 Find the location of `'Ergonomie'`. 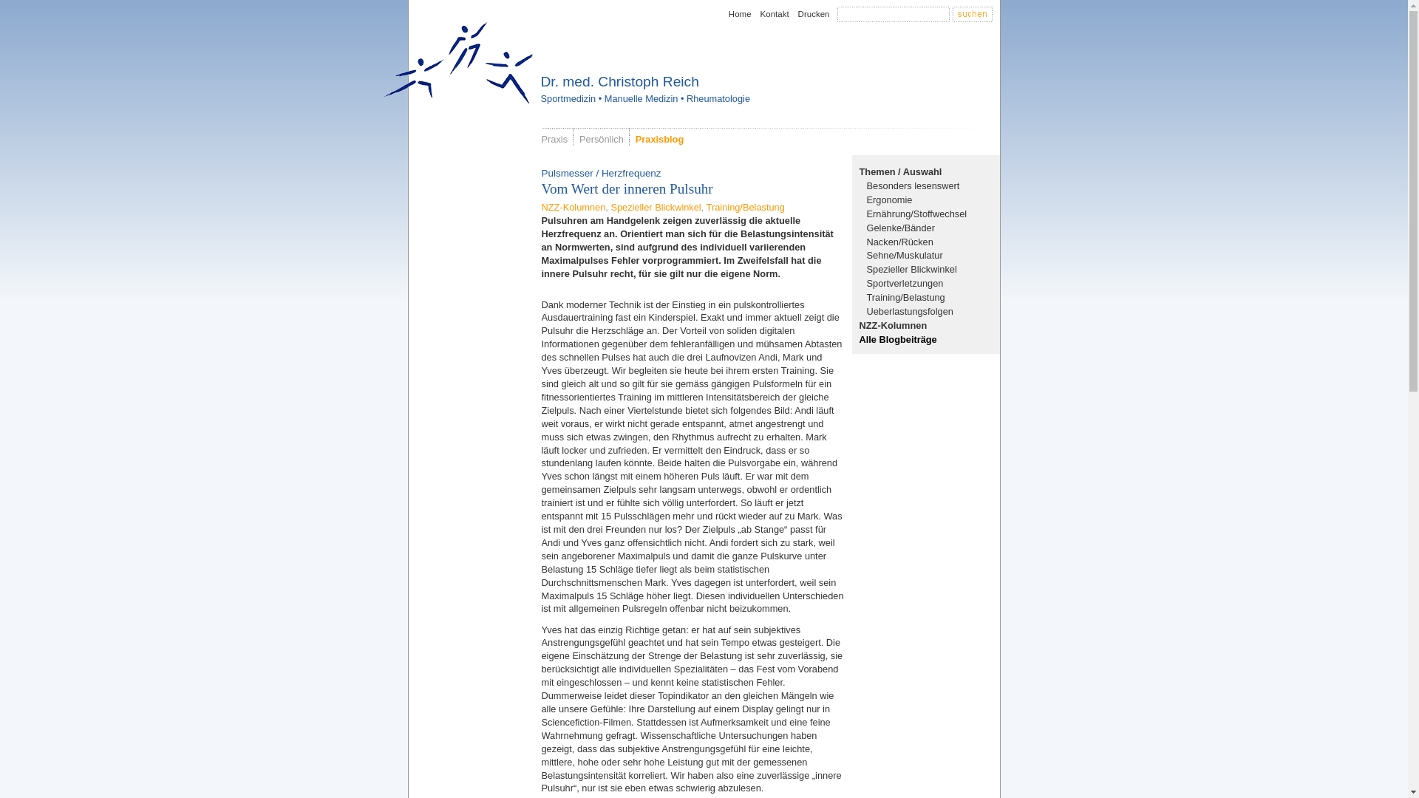

'Ergonomie' is located at coordinates (888, 199).